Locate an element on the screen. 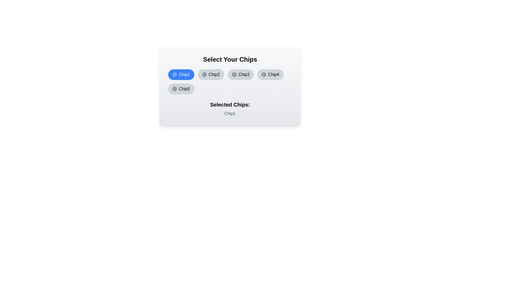 The height and width of the screenshot is (287, 511). the chip labeled Chip4 is located at coordinates (270, 75).